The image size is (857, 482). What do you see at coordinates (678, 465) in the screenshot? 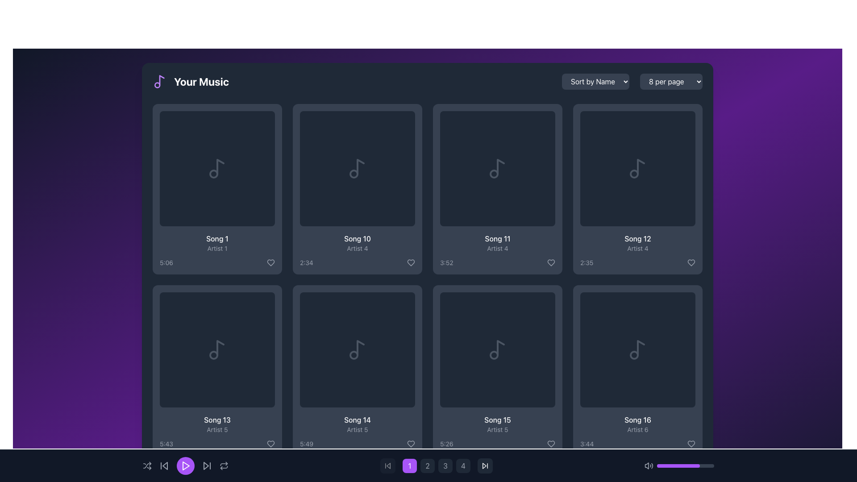
I see `the volume` at bounding box center [678, 465].